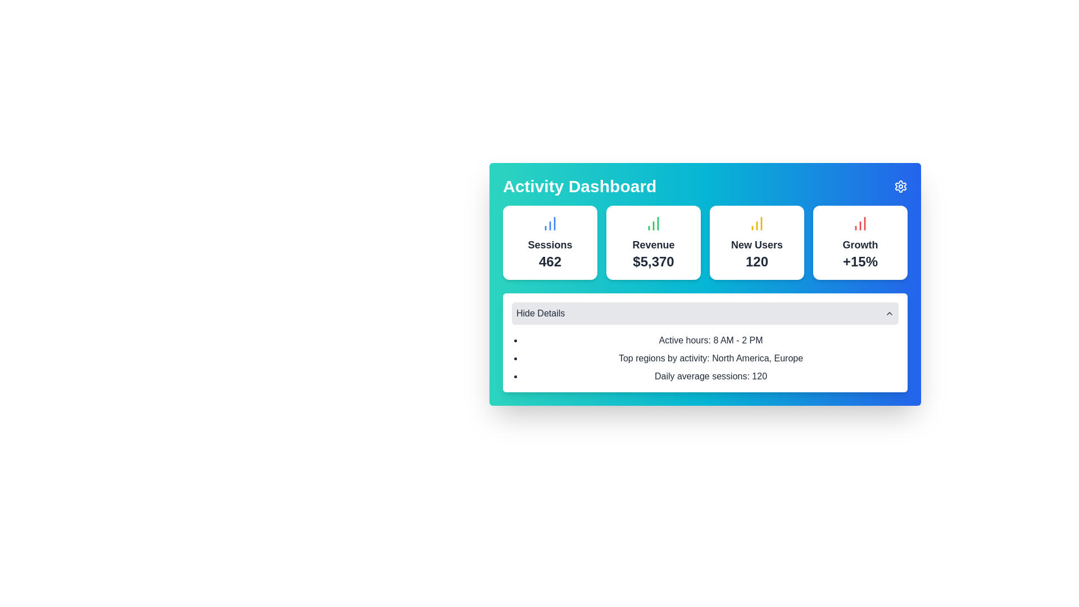 The height and width of the screenshot is (607, 1079). What do you see at coordinates (757, 262) in the screenshot?
I see `the label displaying the number of new users, located in the third widget box from the left in the top row of the dashboard, below the label 'New Users'` at bounding box center [757, 262].